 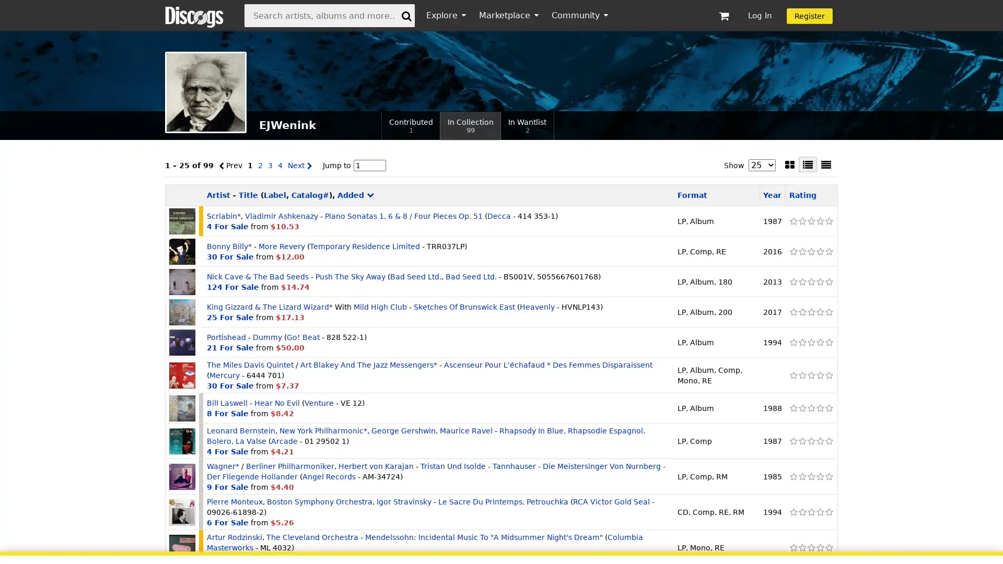 What do you see at coordinates (810, 342) in the screenshot?
I see `Rate this release 3 stars.` at bounding box center [810, 342].